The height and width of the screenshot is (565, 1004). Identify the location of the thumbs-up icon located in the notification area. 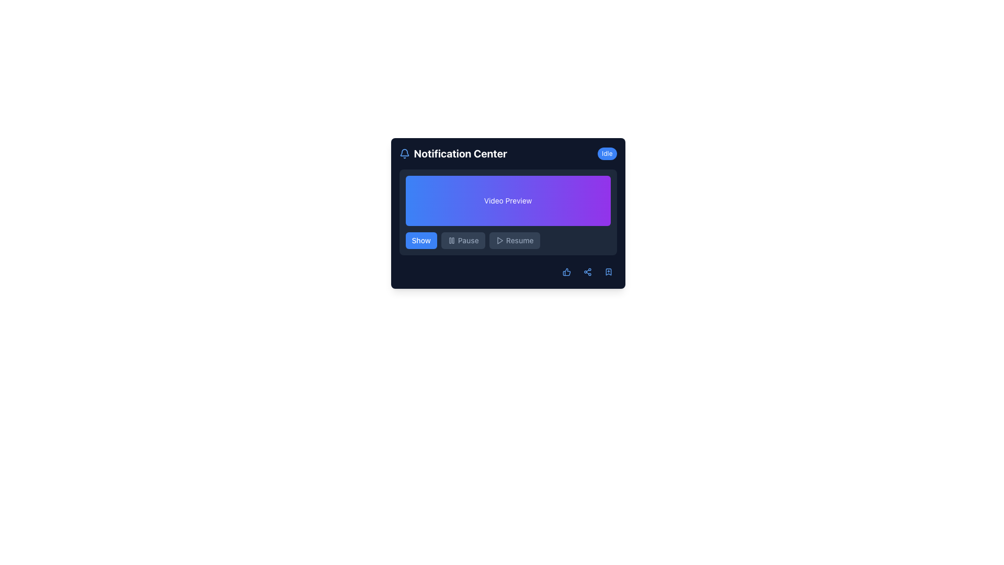
(566, 272).